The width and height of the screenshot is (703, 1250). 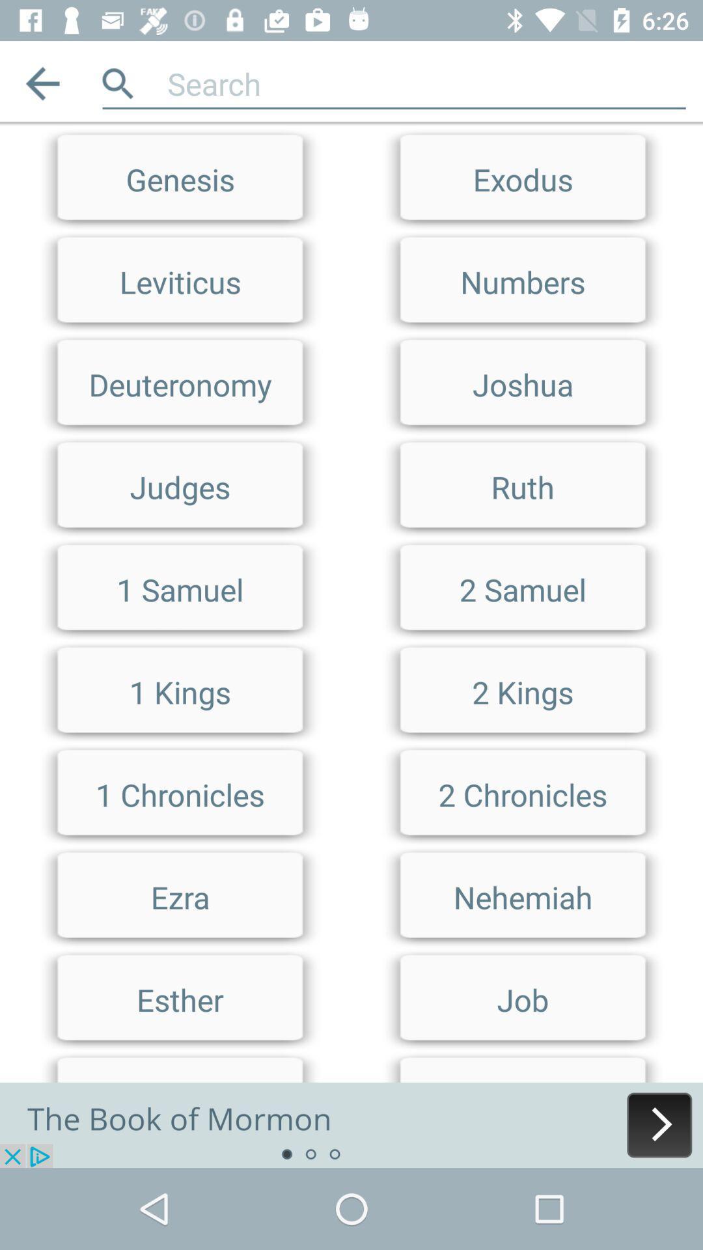 I want to click on search terms, so click(x=351, y=127).